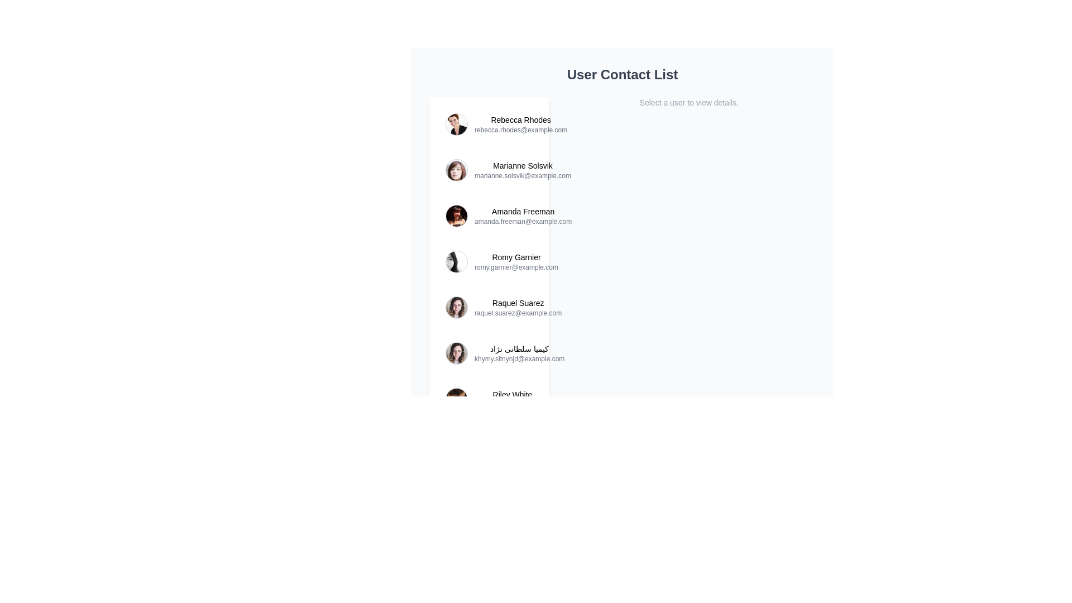 The image size is (1072, 603). I want to click on the email address text label displaying the user's email in the contact list, located below the name 'کیمیا سلطانی نژاد', so click(519, 359).